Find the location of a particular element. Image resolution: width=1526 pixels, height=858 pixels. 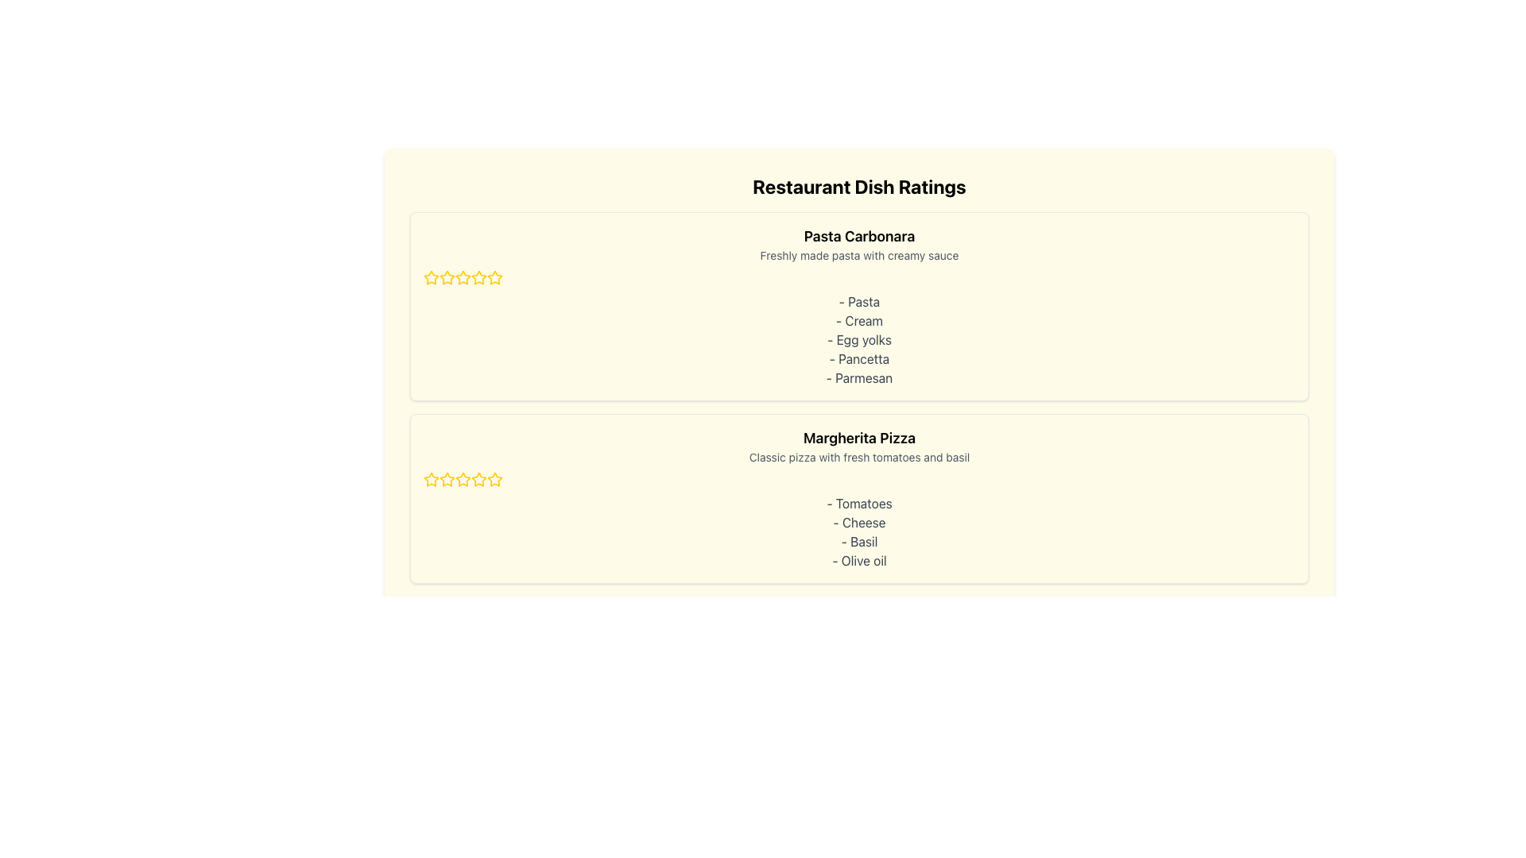

the first star in the five-star rating system to rate 'Pasta Carbonara' is located at coordinates (445, 276).